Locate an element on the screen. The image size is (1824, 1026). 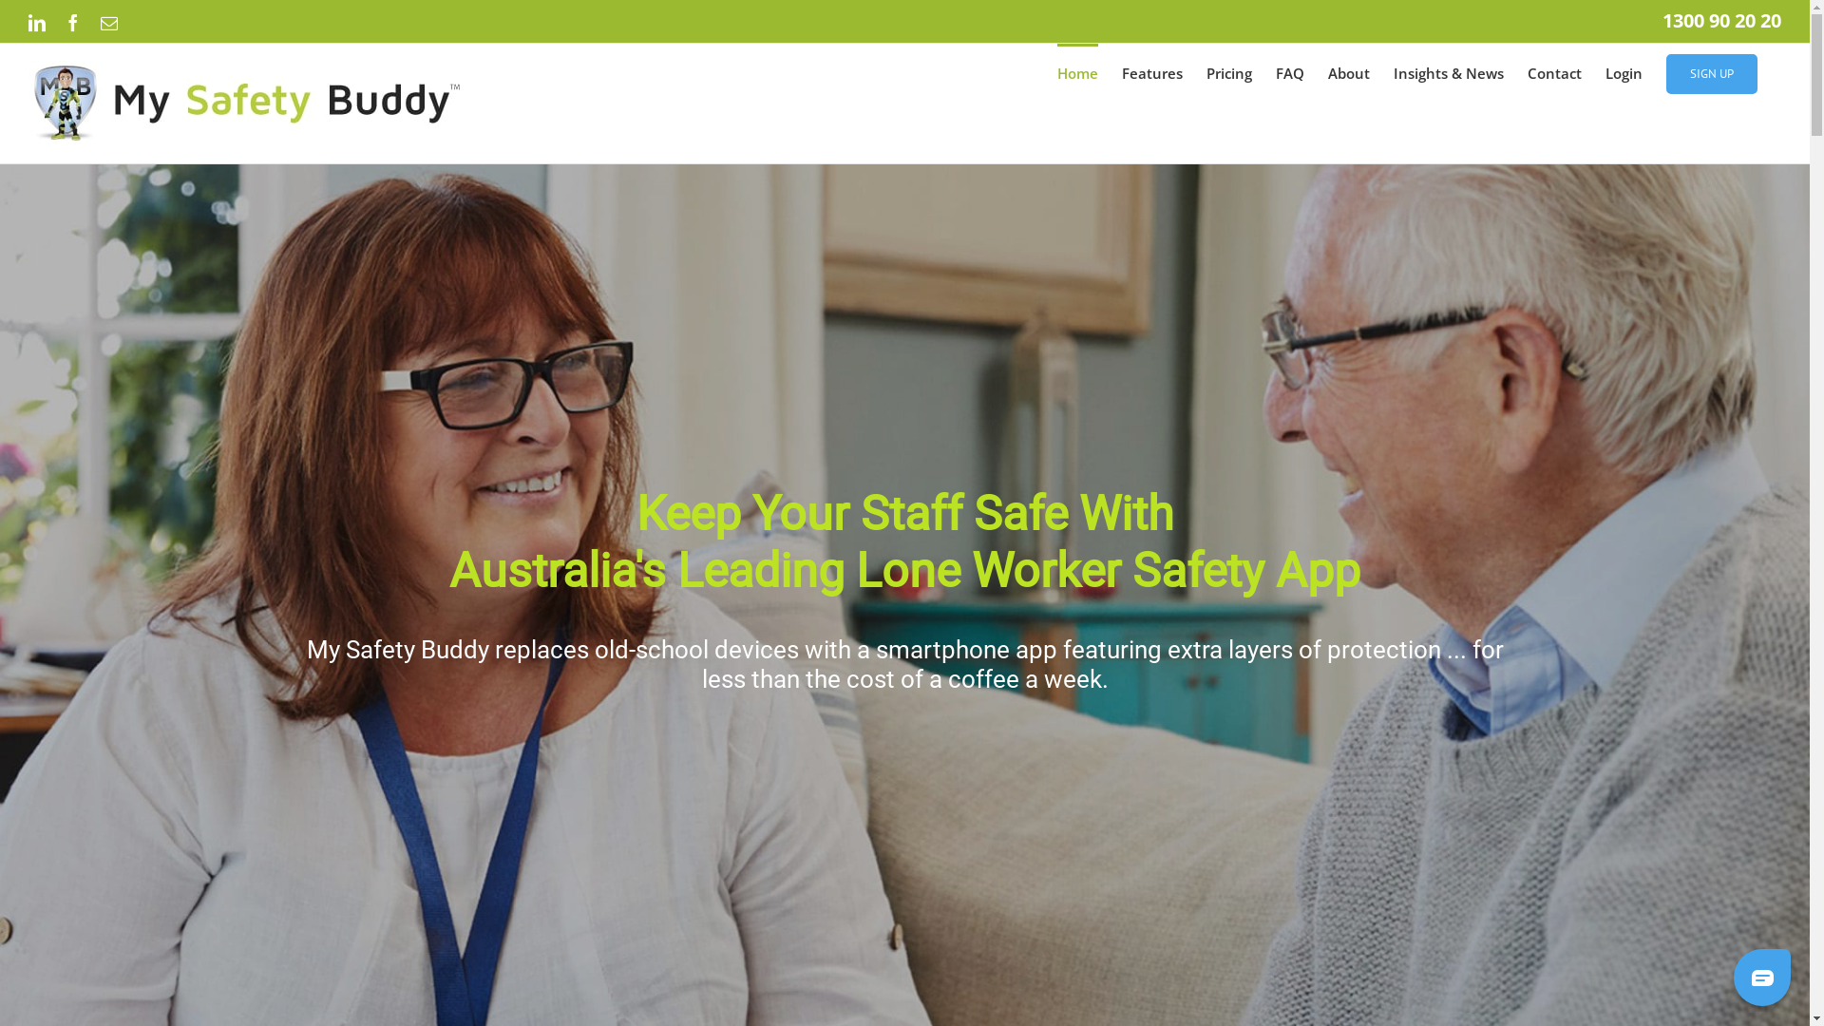
'Login' is located at coordinates (1623, 71).